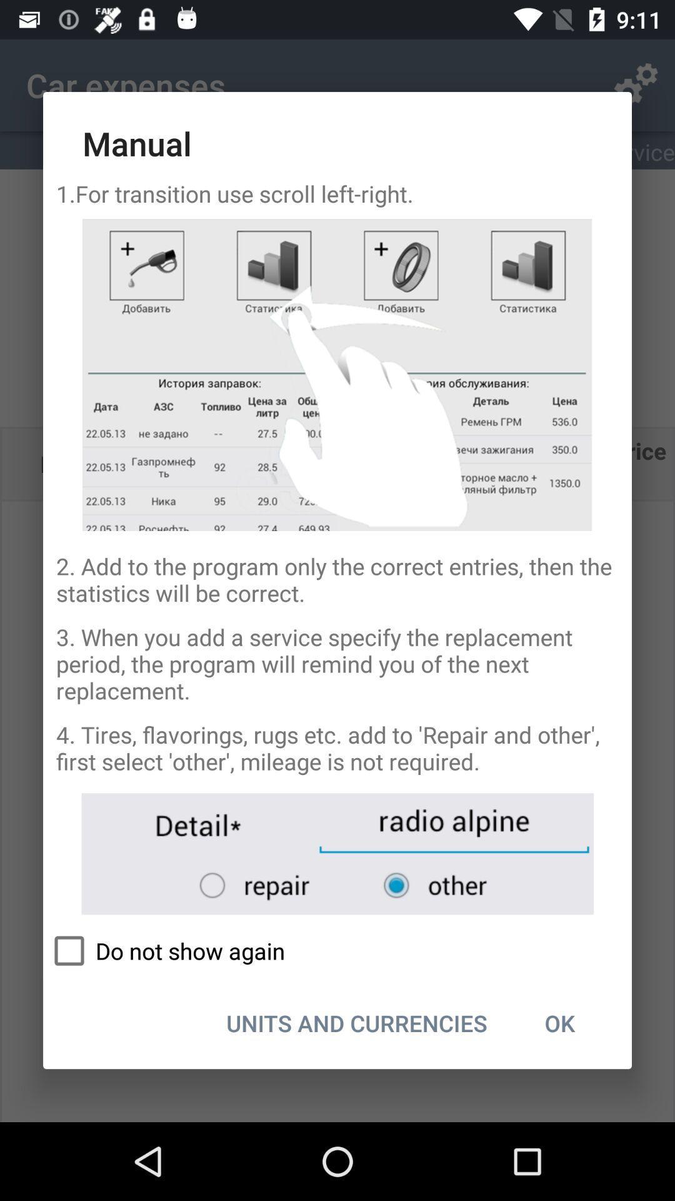  Describe the element at coordinates (559, 1023) in the screenshot. I see `the item next to the units and currencies` at that location.